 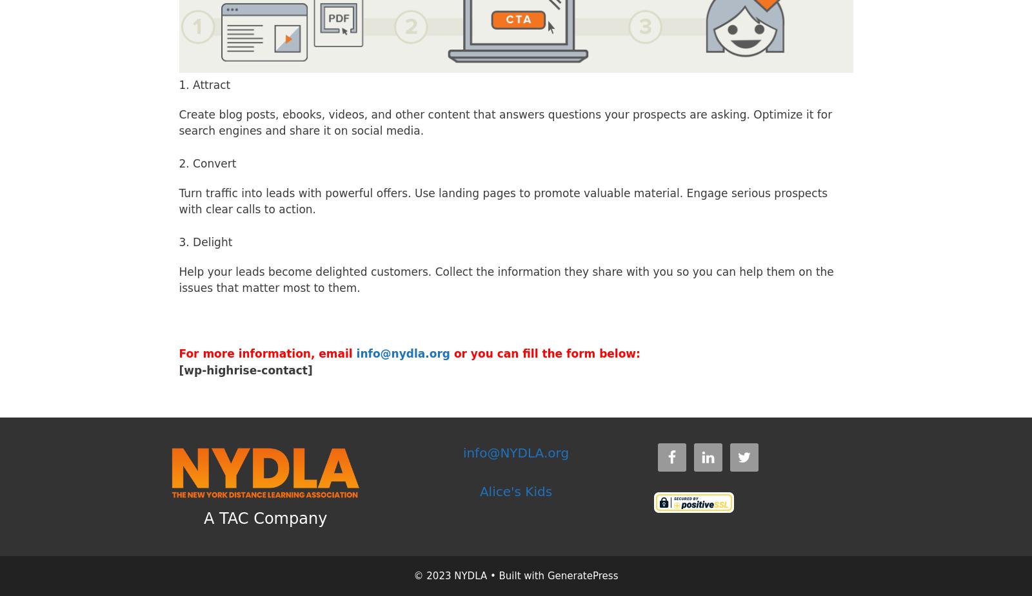 I want to click on 'Turn traffic into leads with powerful offers. Use landing pages to promote valuable material. Engage serious prospects with clear calls to action.', so click(x=503, y=200).